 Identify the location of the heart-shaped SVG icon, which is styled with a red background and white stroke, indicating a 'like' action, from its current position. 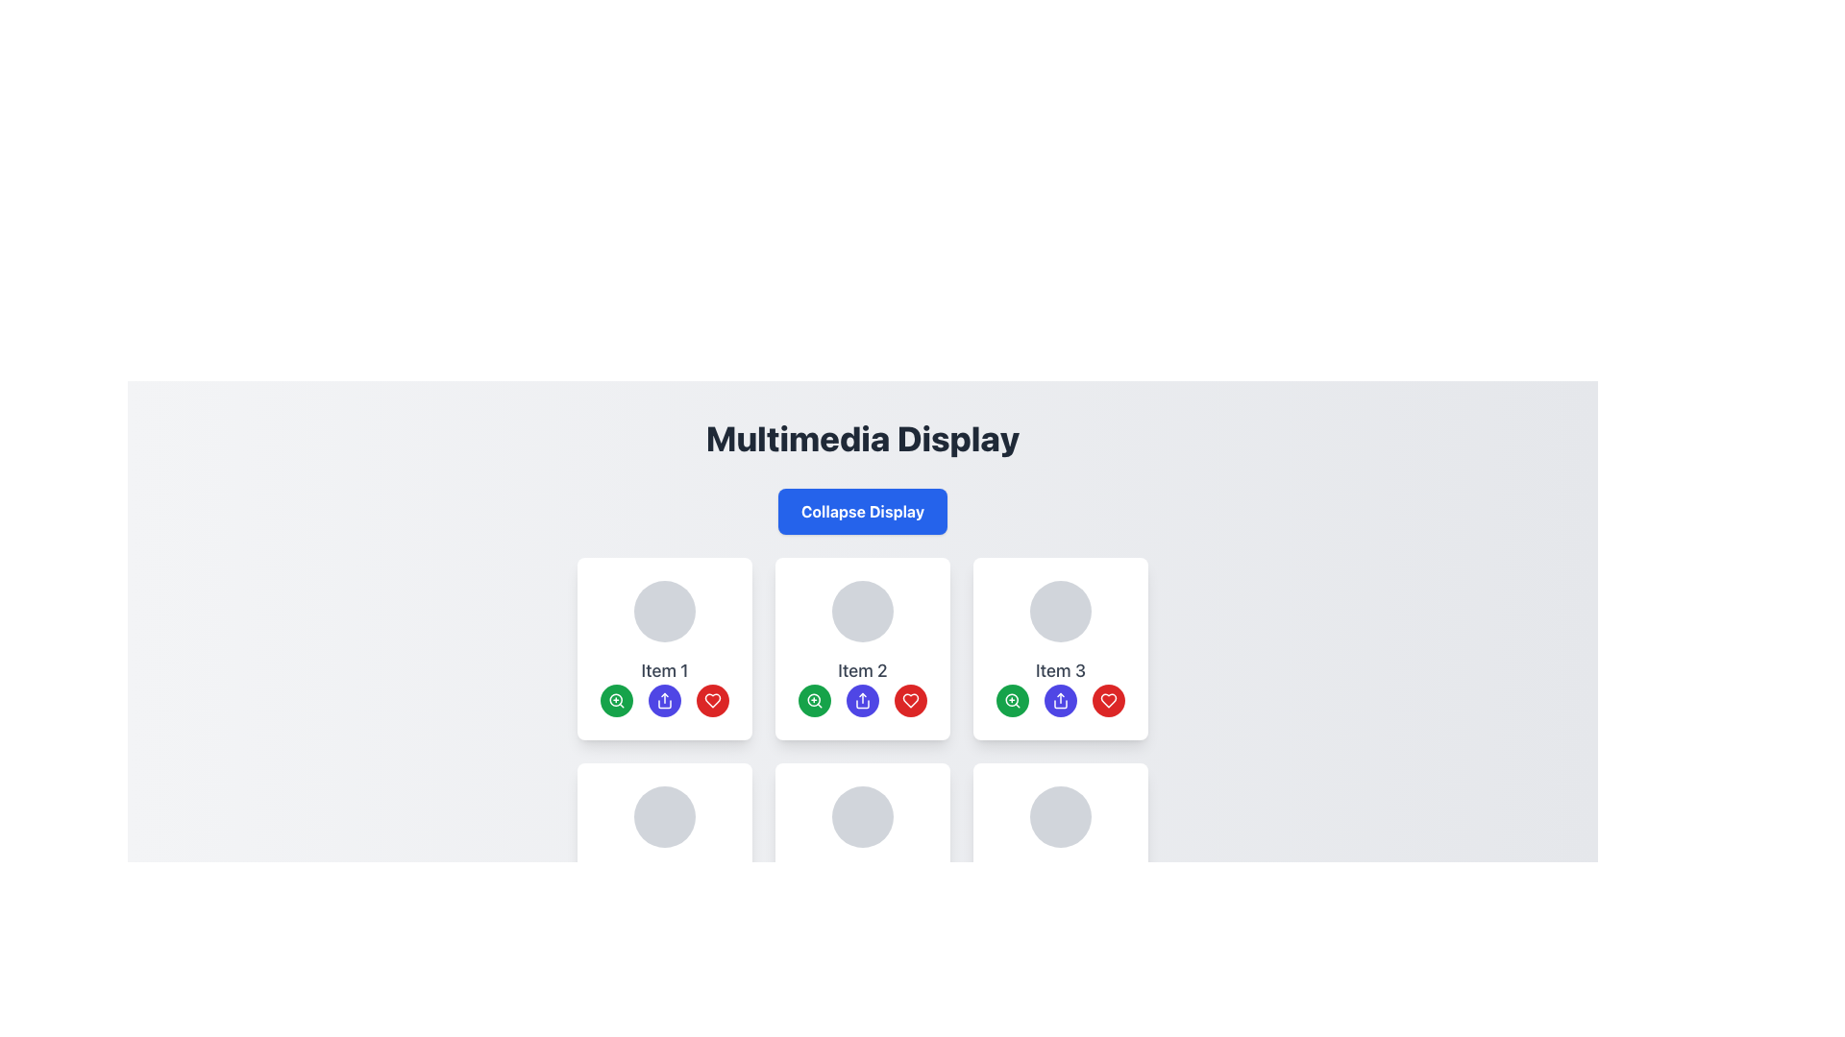
(910, 700).